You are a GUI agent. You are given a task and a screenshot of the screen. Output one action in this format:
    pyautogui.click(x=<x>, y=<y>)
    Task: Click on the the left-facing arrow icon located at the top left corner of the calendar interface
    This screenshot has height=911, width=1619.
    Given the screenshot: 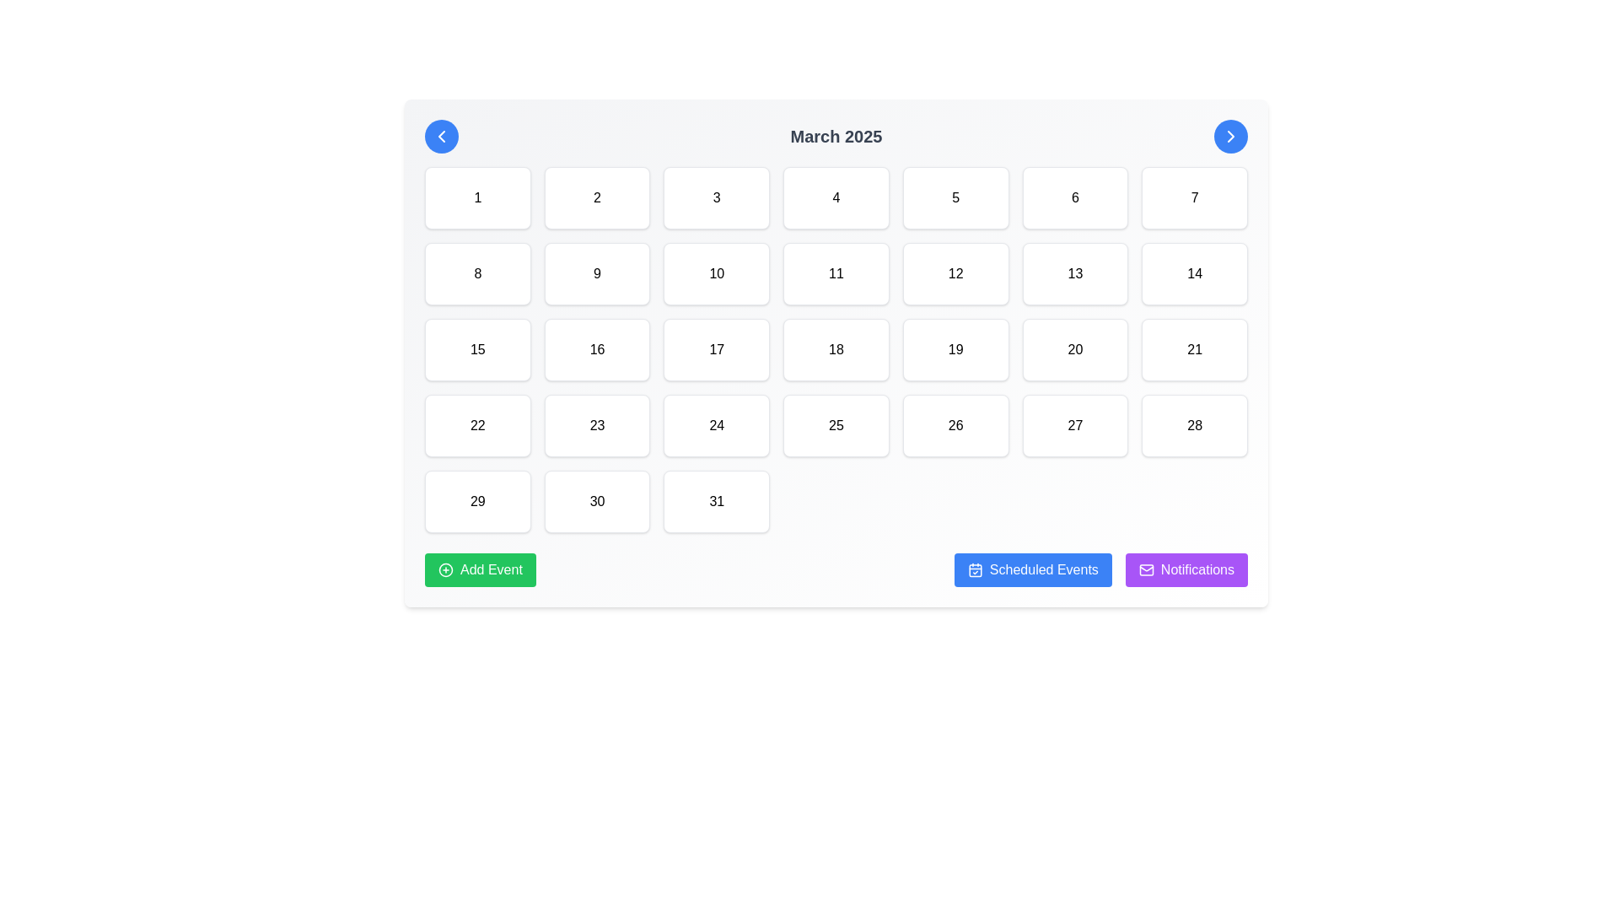 What is the action you would take?
    pyautogui.click(x=441, y=136)
    